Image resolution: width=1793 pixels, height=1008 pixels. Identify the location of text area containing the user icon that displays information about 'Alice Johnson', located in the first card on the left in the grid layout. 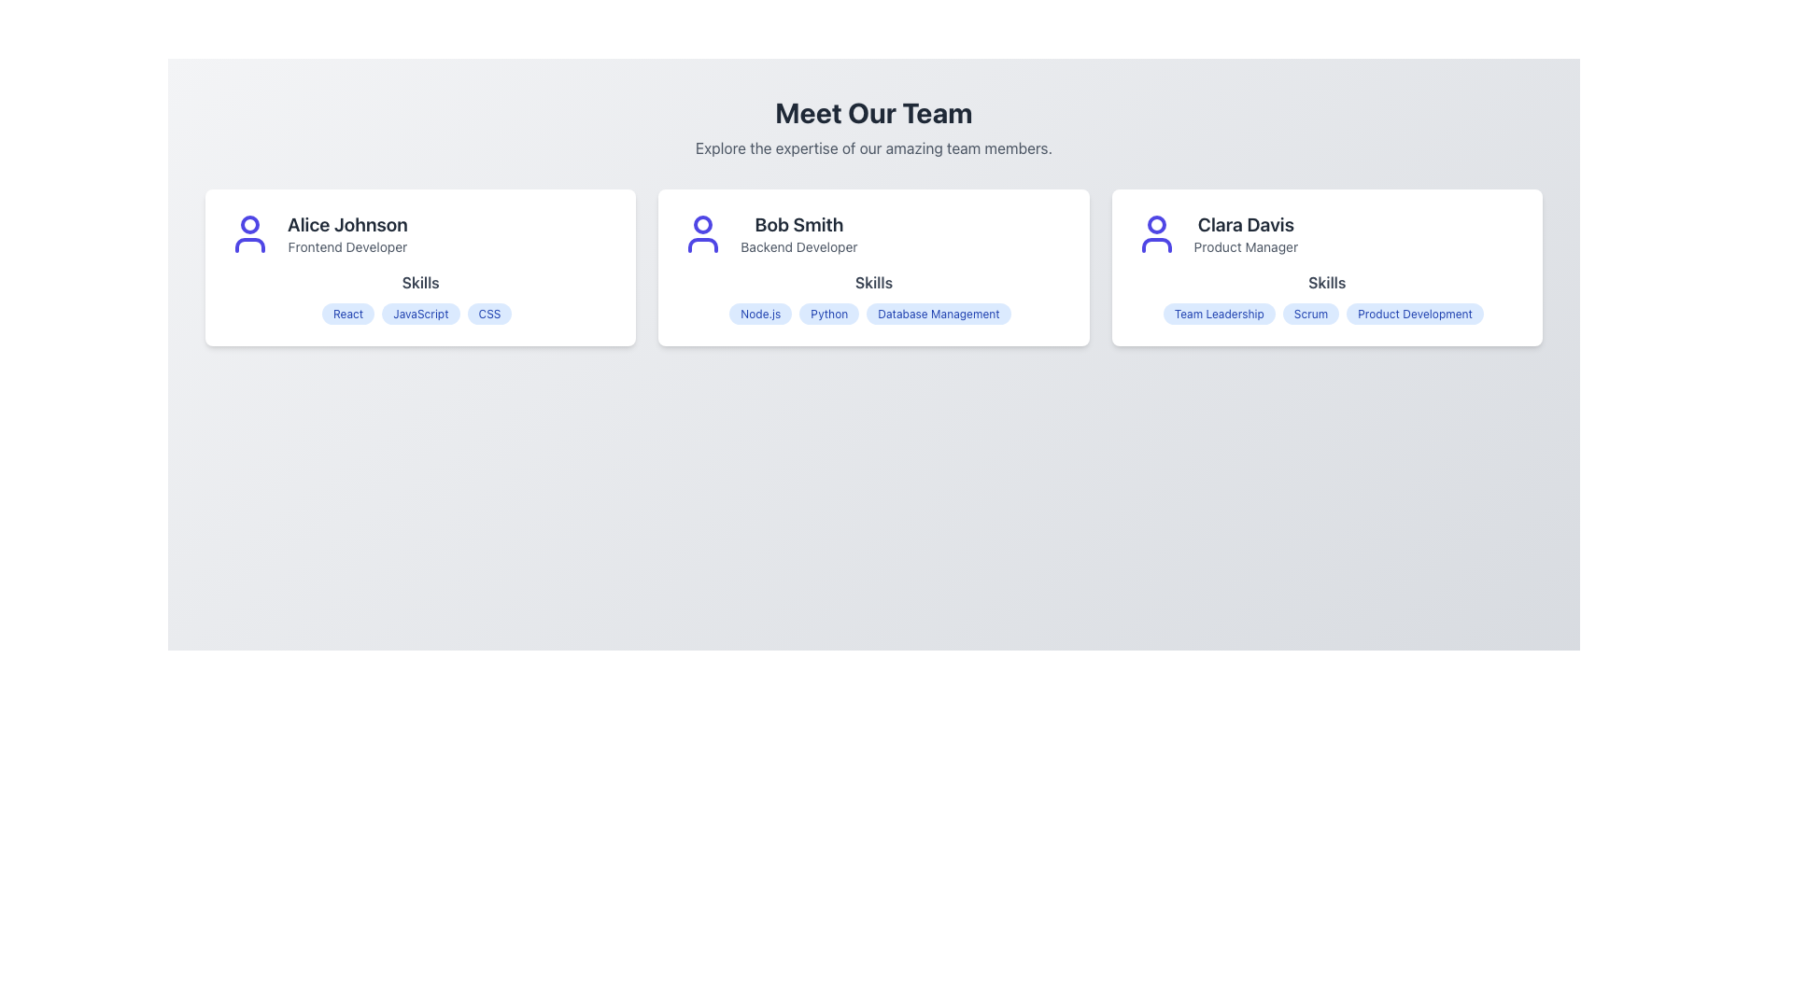
(419, 232).